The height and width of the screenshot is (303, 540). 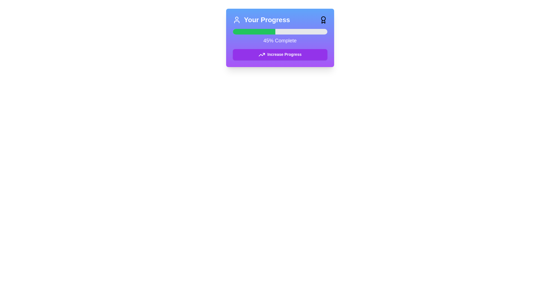 I want to click on the progress update button located at the bottom of the card-like component displaying '45% Complete', so click(x=280, y=55).